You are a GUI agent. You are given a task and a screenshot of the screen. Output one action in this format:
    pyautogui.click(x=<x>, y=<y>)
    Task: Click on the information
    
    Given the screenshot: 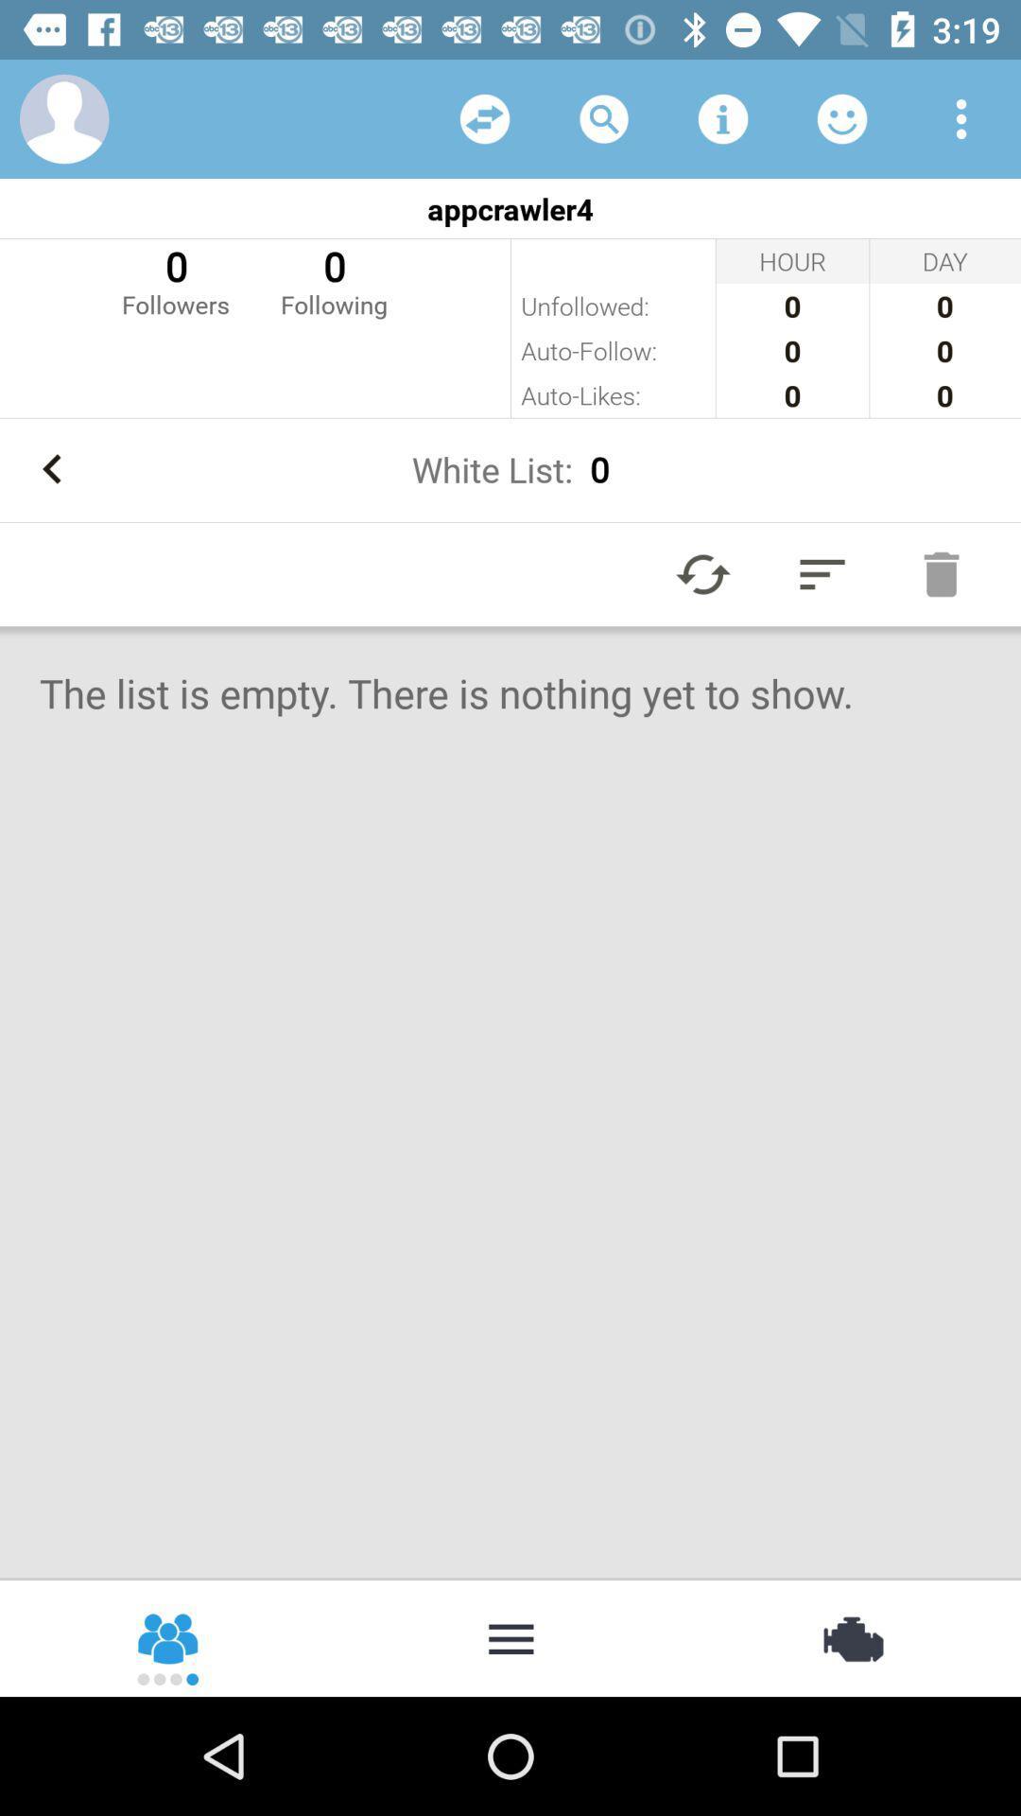 What is the action you would take?
    pyautogui.click(x=722, y=117)
    